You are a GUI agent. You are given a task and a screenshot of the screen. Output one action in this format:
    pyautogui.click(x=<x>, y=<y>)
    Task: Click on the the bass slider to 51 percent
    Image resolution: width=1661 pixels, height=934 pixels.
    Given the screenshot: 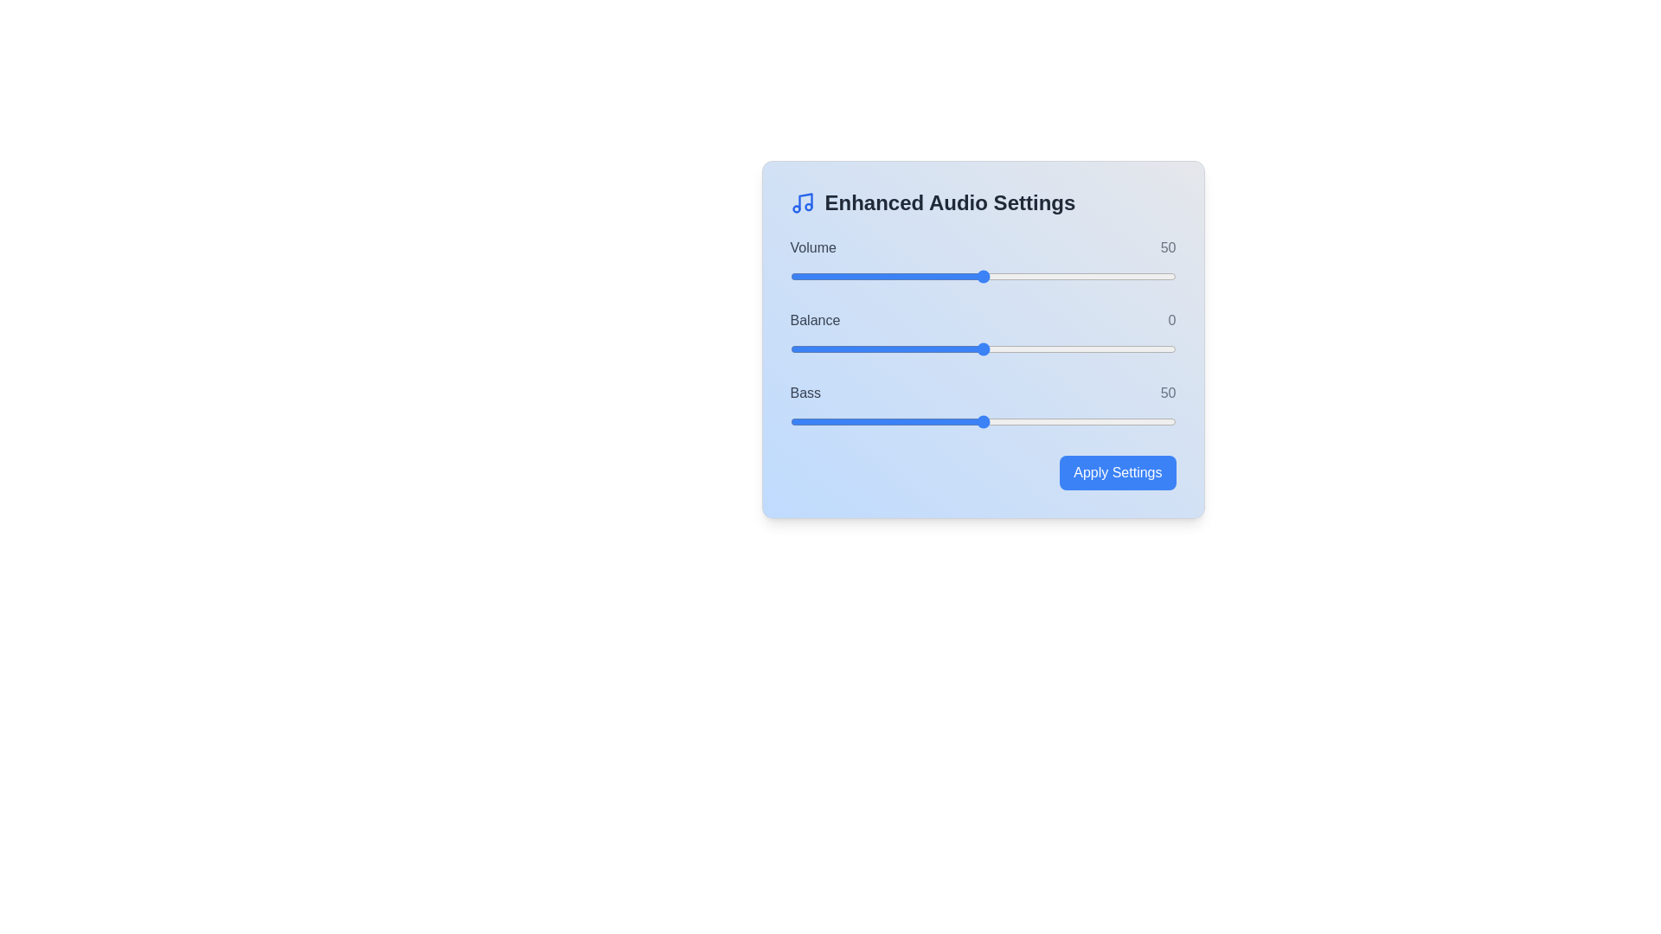 What is the action you would take?
    pyautogui.click(x=987, y=422)
    